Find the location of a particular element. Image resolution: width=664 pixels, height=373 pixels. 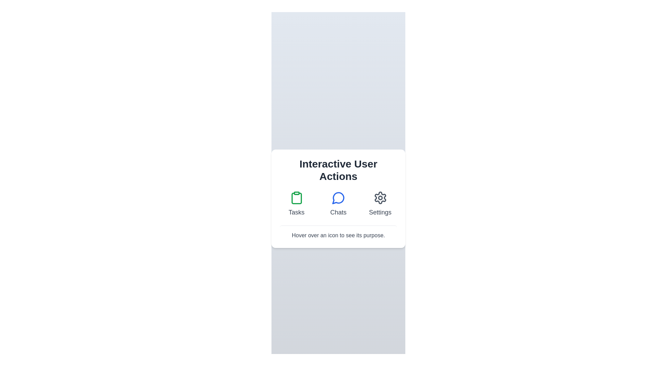

the circular blue chat bubble icon located in the 'Chats' box beneath the 'Interactive User Actions' title is located at coordinates (338, 198).